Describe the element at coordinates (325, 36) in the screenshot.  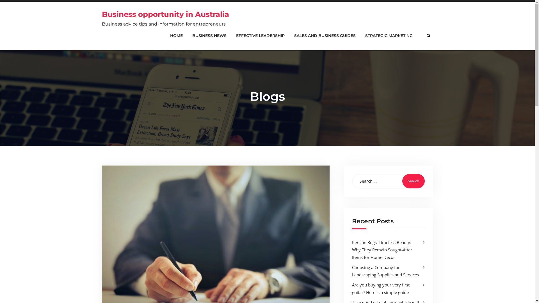
I see `'SALES AND BUSINESS GUIDES'` at that location.